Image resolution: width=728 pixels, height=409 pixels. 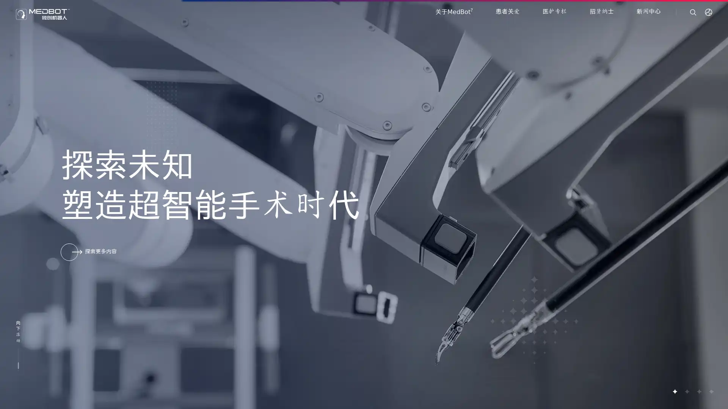 What do you see at coordinates (711, 391) in the screenshot?
I see `Go to slide 4` at bounding box center [711, 391].